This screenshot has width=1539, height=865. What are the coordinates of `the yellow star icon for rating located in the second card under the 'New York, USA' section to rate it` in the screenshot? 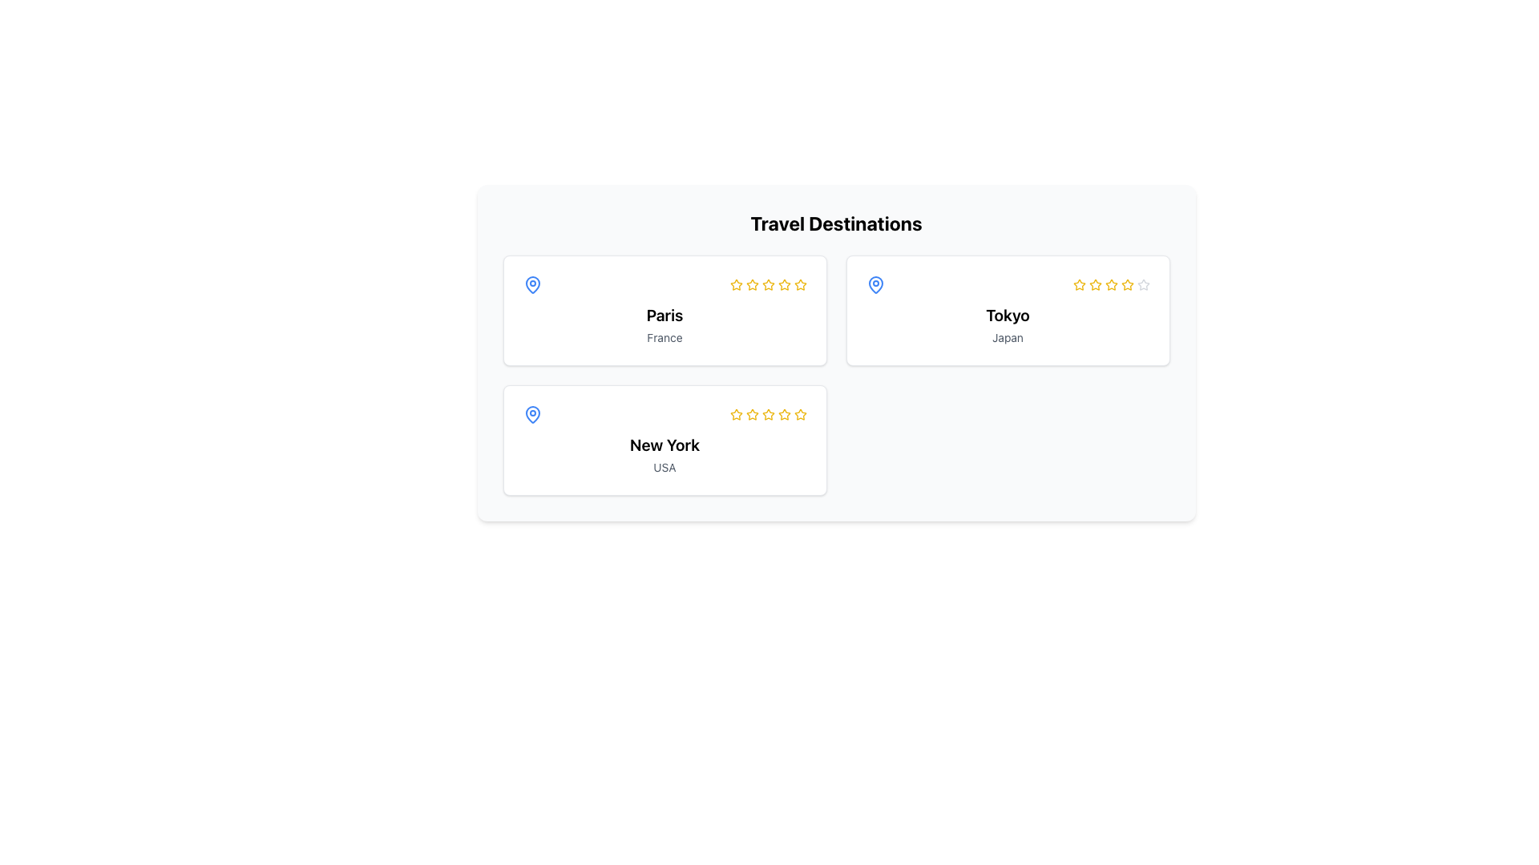 It's located at (735, 413).